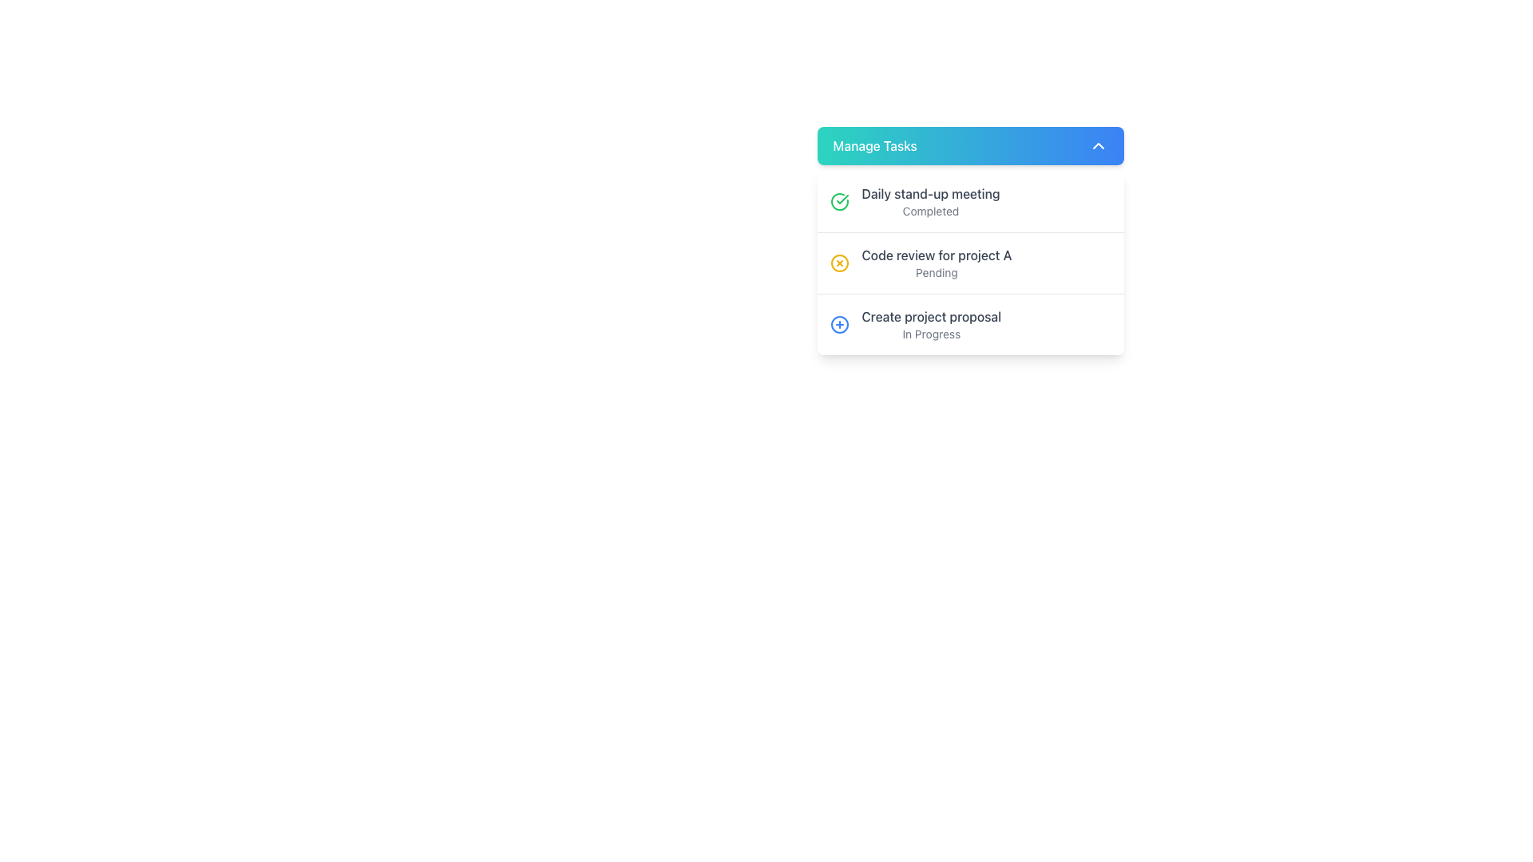 Image resolution: width=1533 pixels, height=862 pixels. Describe the element at coordinates (842, 199) in the screenshot. I see `the checkmark icon located at the center of a circular graphical component, which indicates a positive status, positioned to the left of the text 'Daily stand-up meeting'` at that location.